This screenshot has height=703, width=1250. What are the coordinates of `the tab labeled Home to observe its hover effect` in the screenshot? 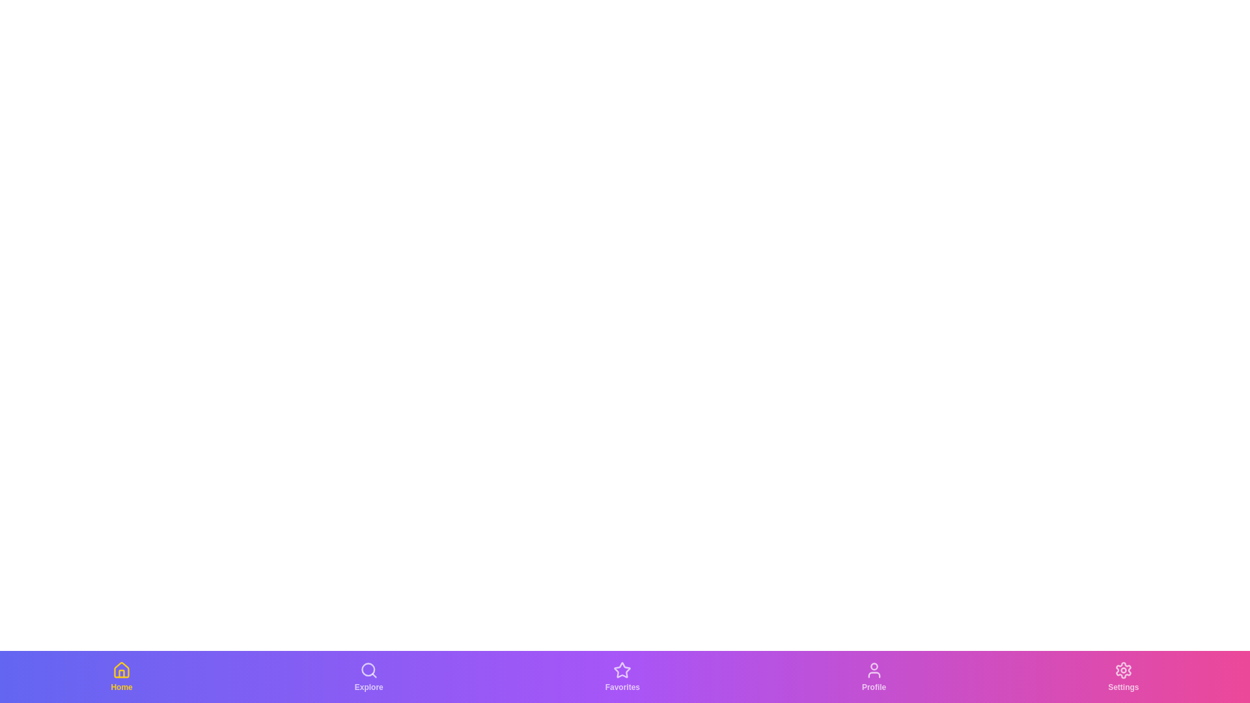 It's located at (122, 676).